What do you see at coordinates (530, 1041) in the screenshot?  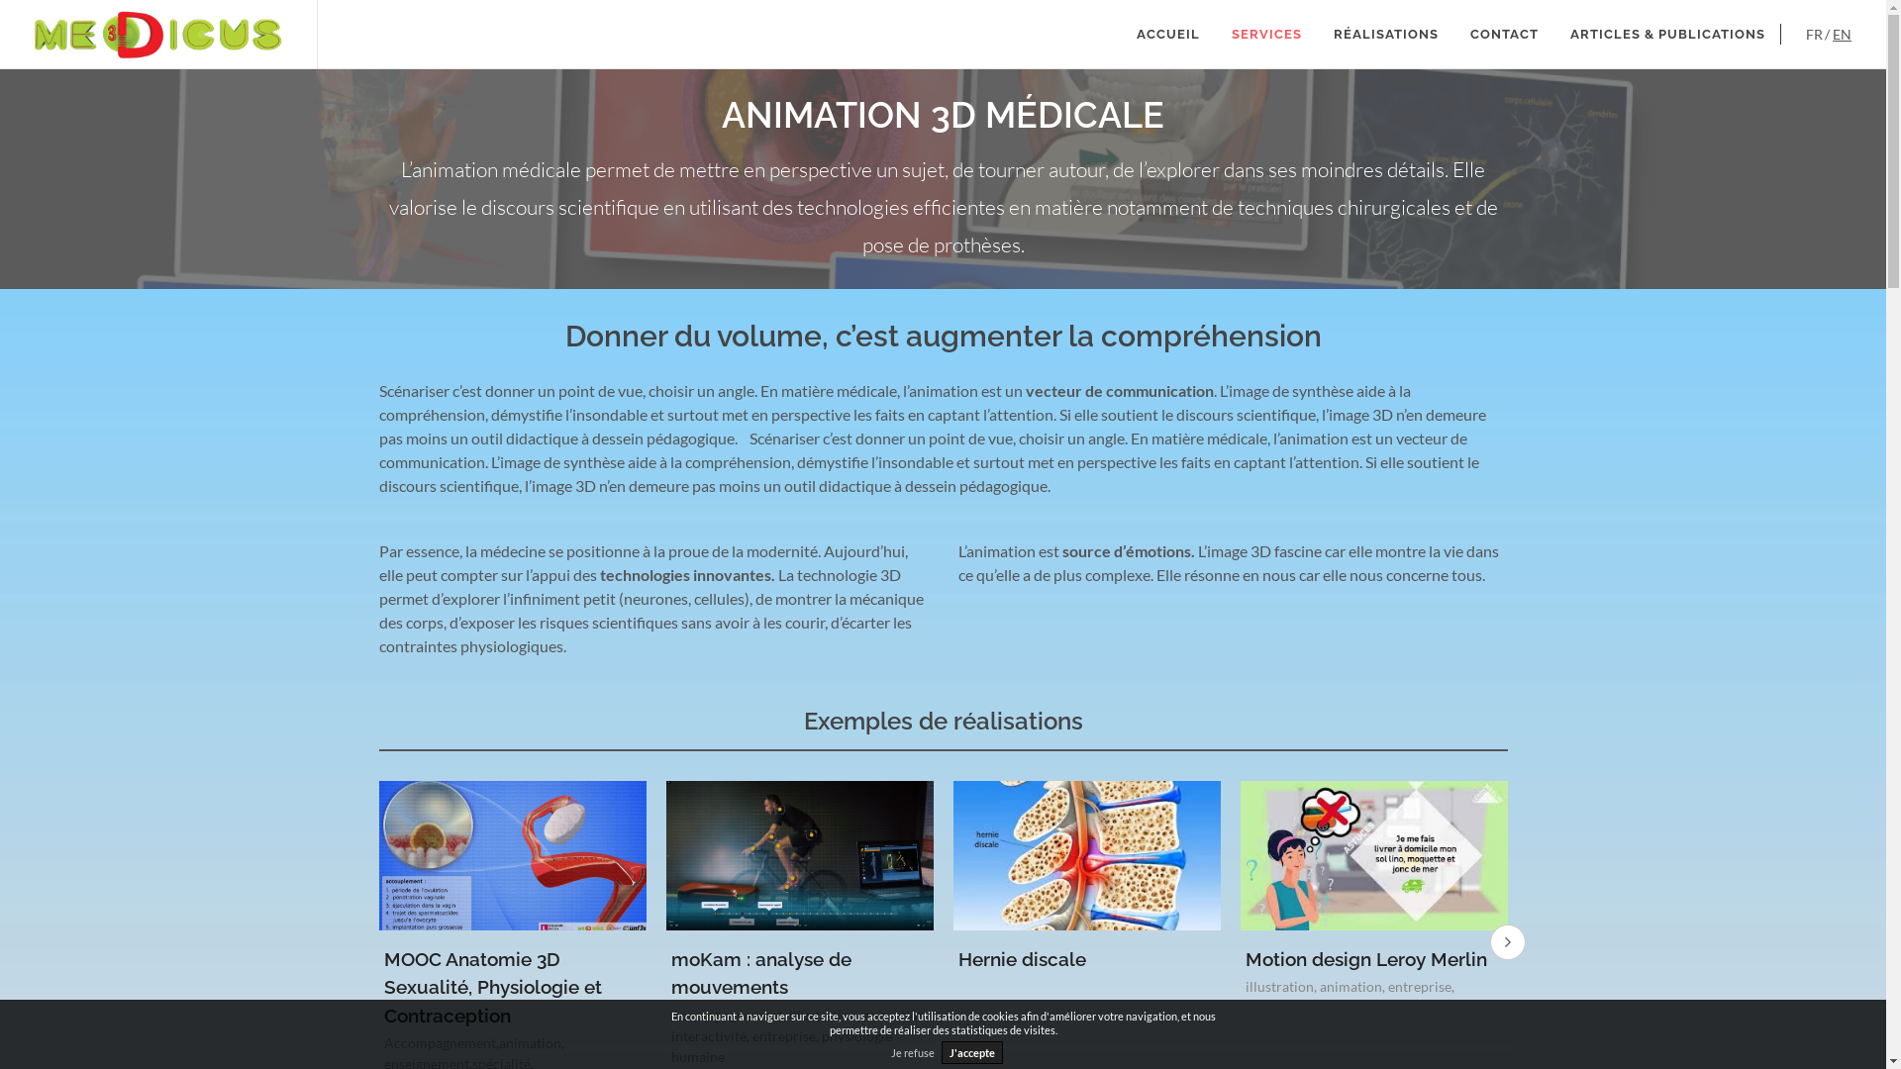 I see `'animation'` at bounding box center [530, 1041].